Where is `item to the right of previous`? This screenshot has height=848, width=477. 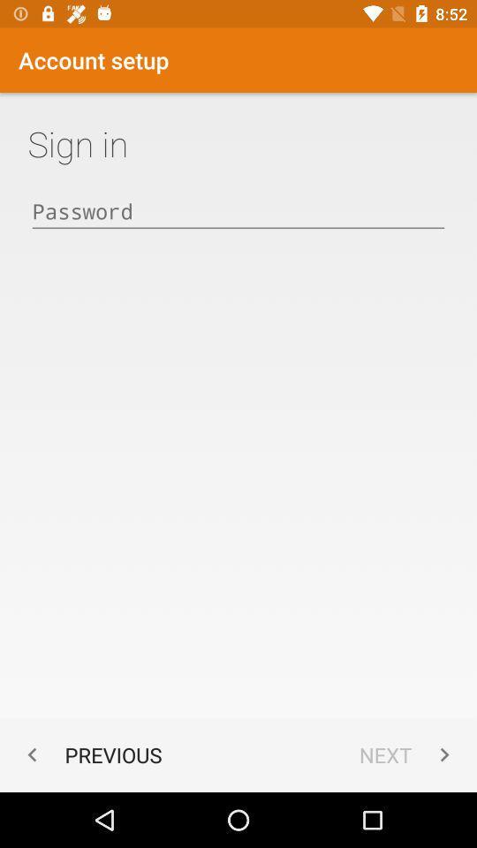
item to the right of previous is located at coordinates (408, 753).